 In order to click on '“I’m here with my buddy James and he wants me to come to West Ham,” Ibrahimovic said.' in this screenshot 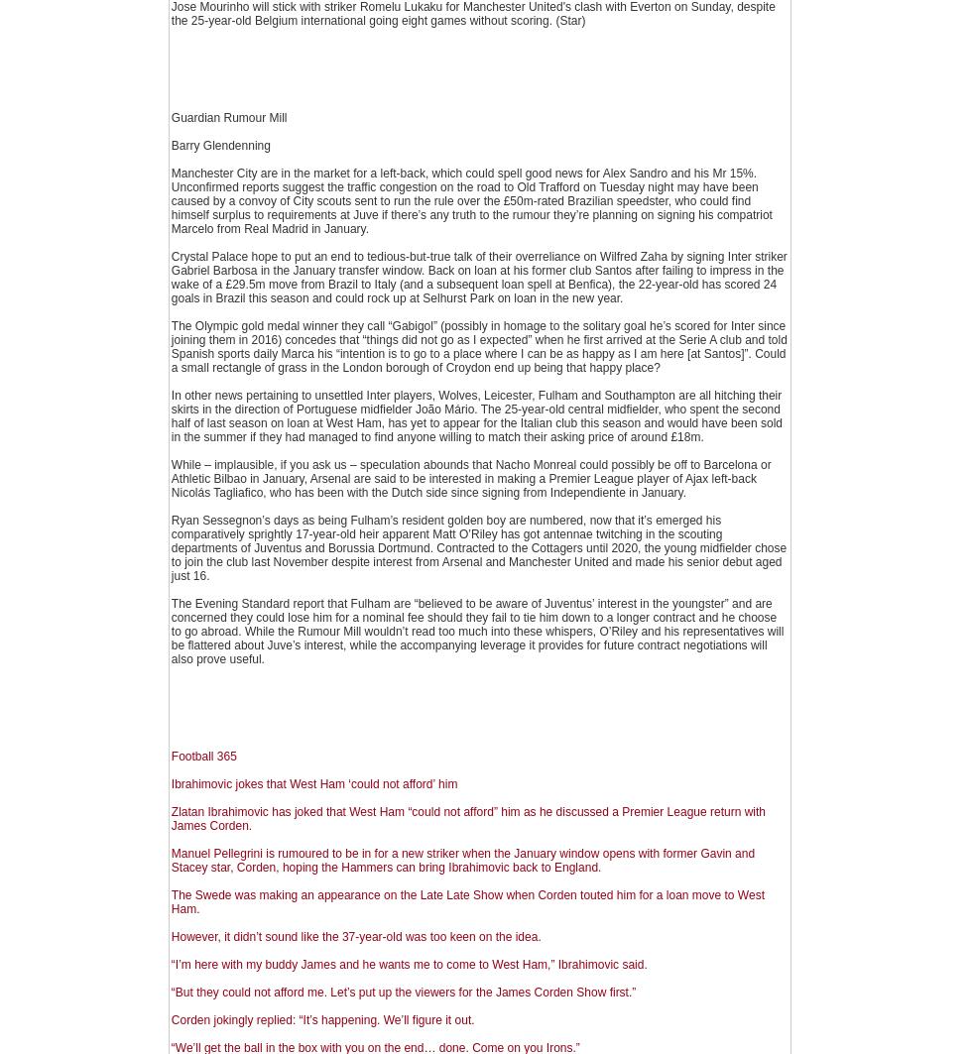, I will do `click(408, 963)`.